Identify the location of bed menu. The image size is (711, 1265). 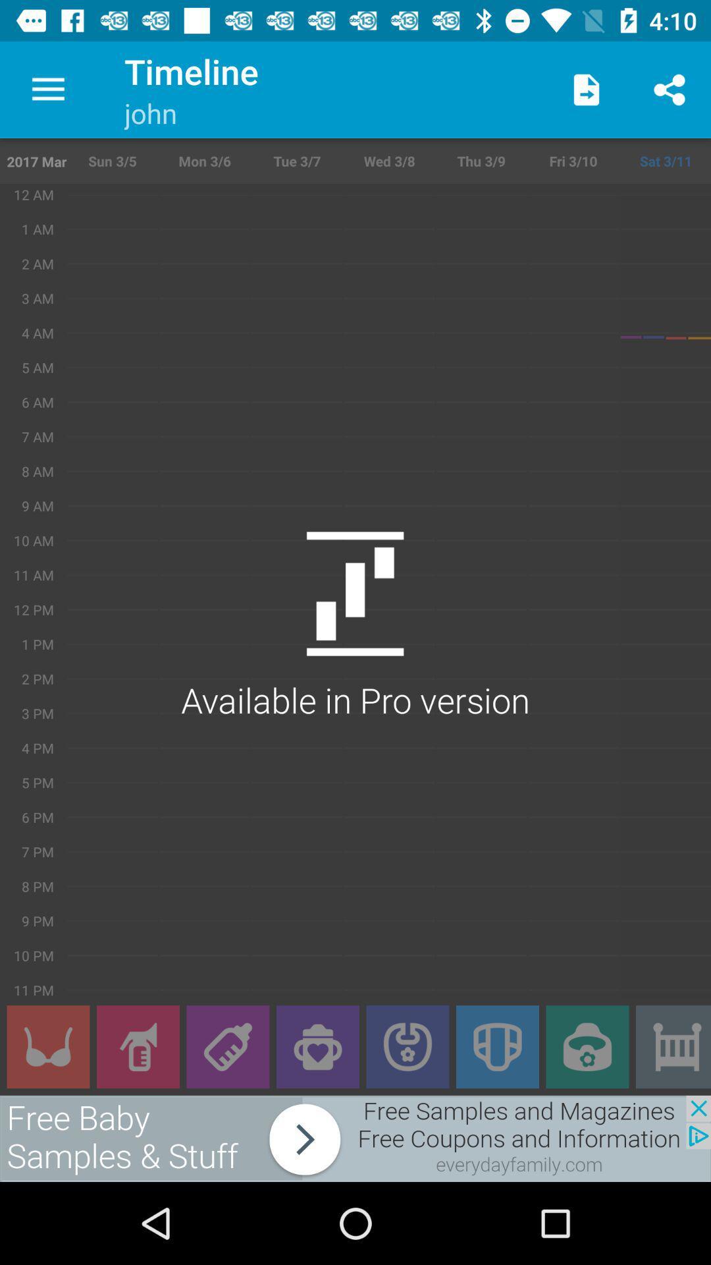
(673, 1046).